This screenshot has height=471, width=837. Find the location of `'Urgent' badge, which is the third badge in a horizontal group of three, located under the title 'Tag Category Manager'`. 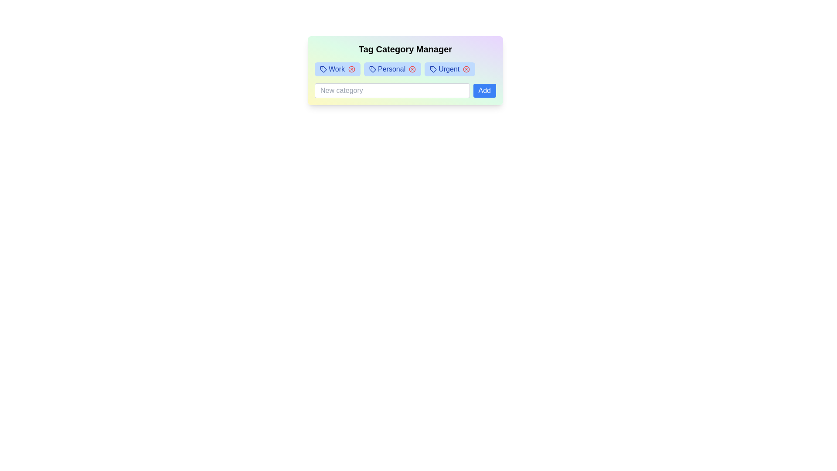

'Urgent' badge, which is the third badge in a horizontal group of three, located under the title 'Tag Category Manager' is located at coordinates (450, 68).